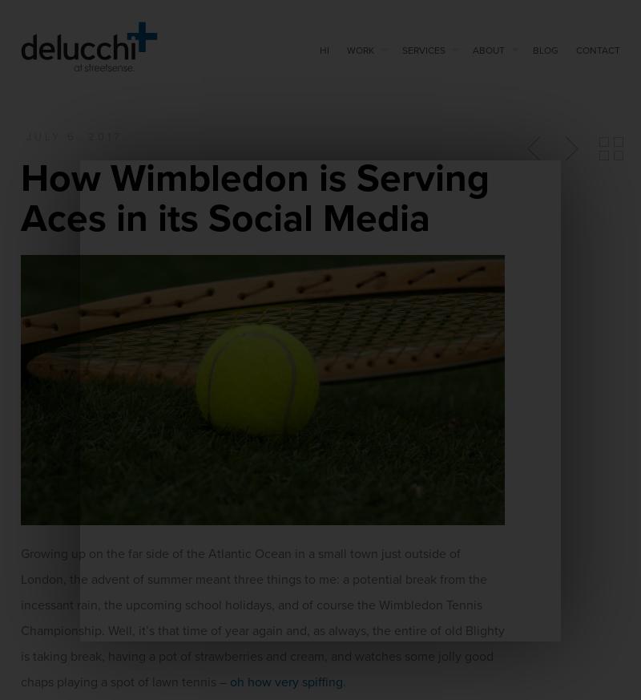 This screenshot has width=641, height=700. What do you see at coordinates (75, 137) in the screenshot?
I see `'July 6, 2017'` at bounding box center [75, 137].